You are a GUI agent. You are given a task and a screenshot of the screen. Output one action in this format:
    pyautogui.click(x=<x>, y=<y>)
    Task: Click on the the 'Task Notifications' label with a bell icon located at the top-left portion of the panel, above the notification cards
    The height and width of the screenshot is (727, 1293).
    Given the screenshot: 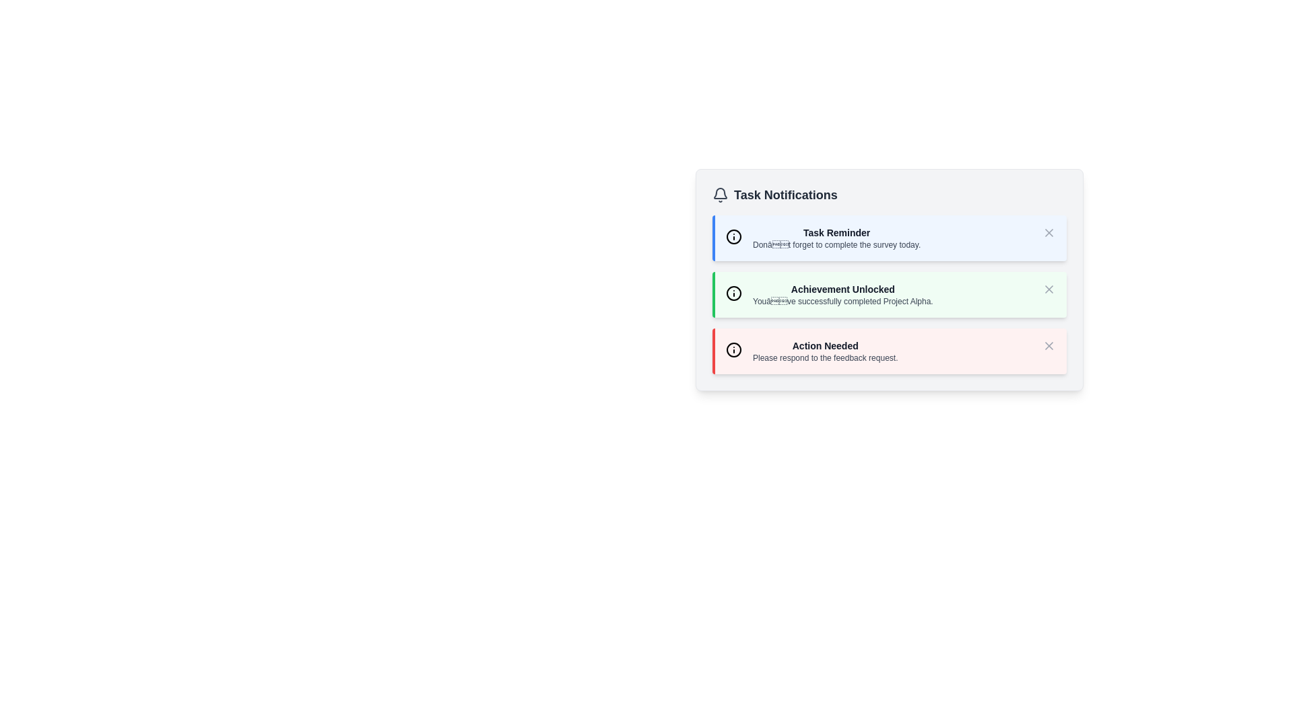 What is the action you would take?
    pyautogui.click(x=774, y=195)
    